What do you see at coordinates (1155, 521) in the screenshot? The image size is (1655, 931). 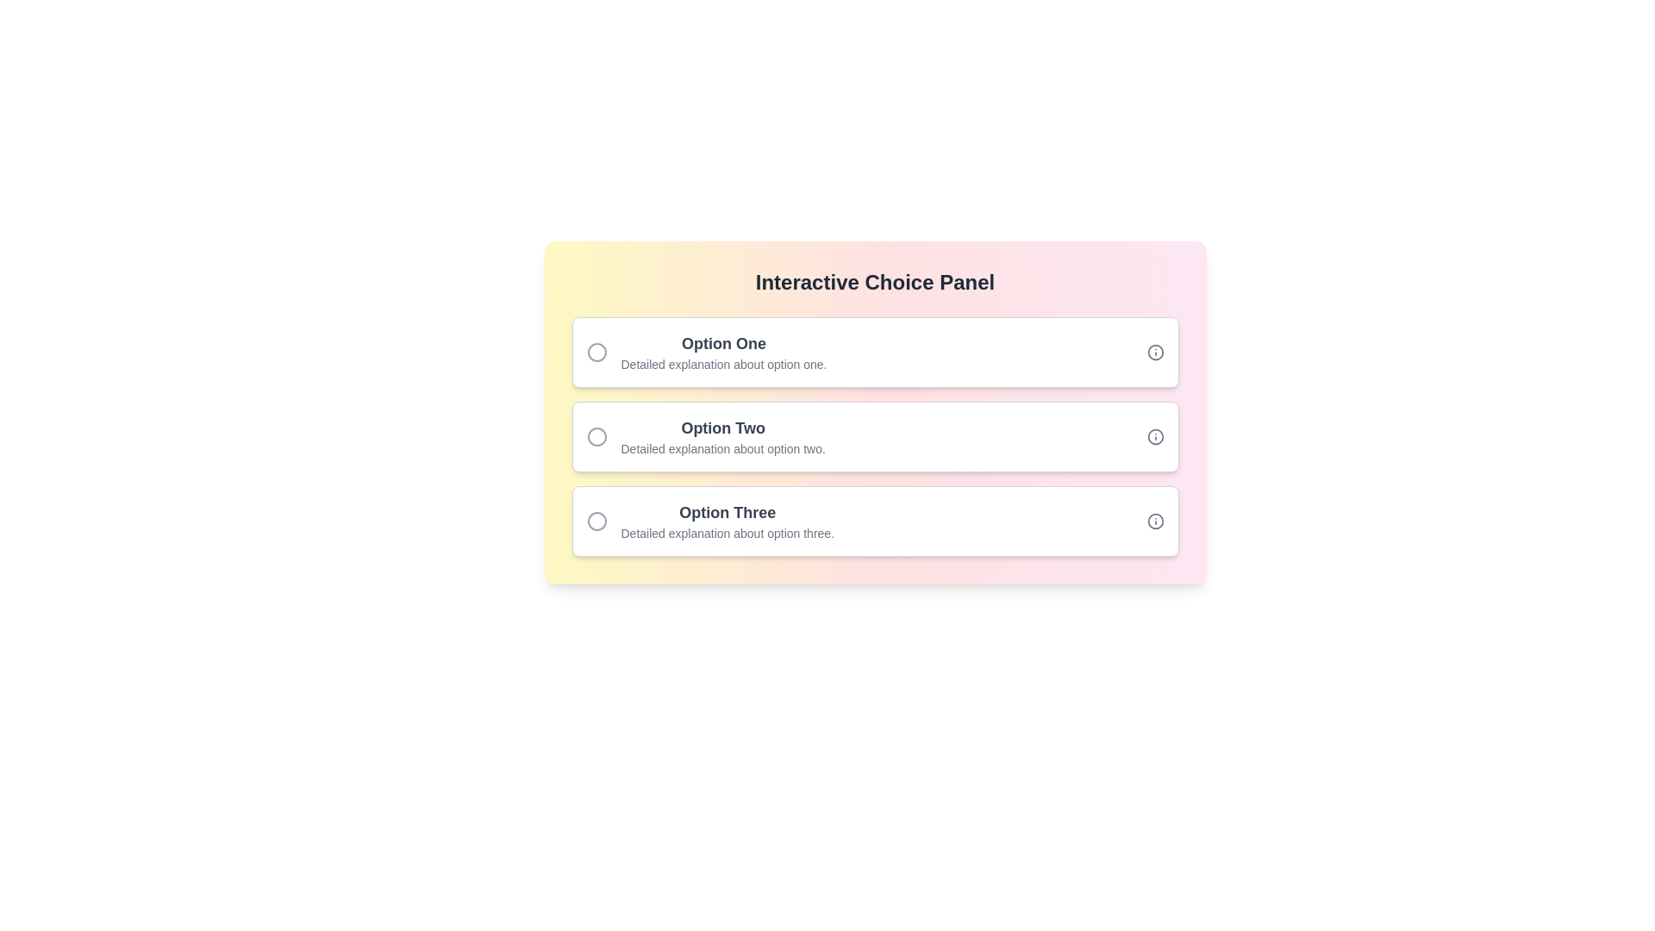 I see `the SVG graphical element that serves as an informational icon located to the right side of the third option in a vertical stacked list of options` at bounding box center [1155, 521].